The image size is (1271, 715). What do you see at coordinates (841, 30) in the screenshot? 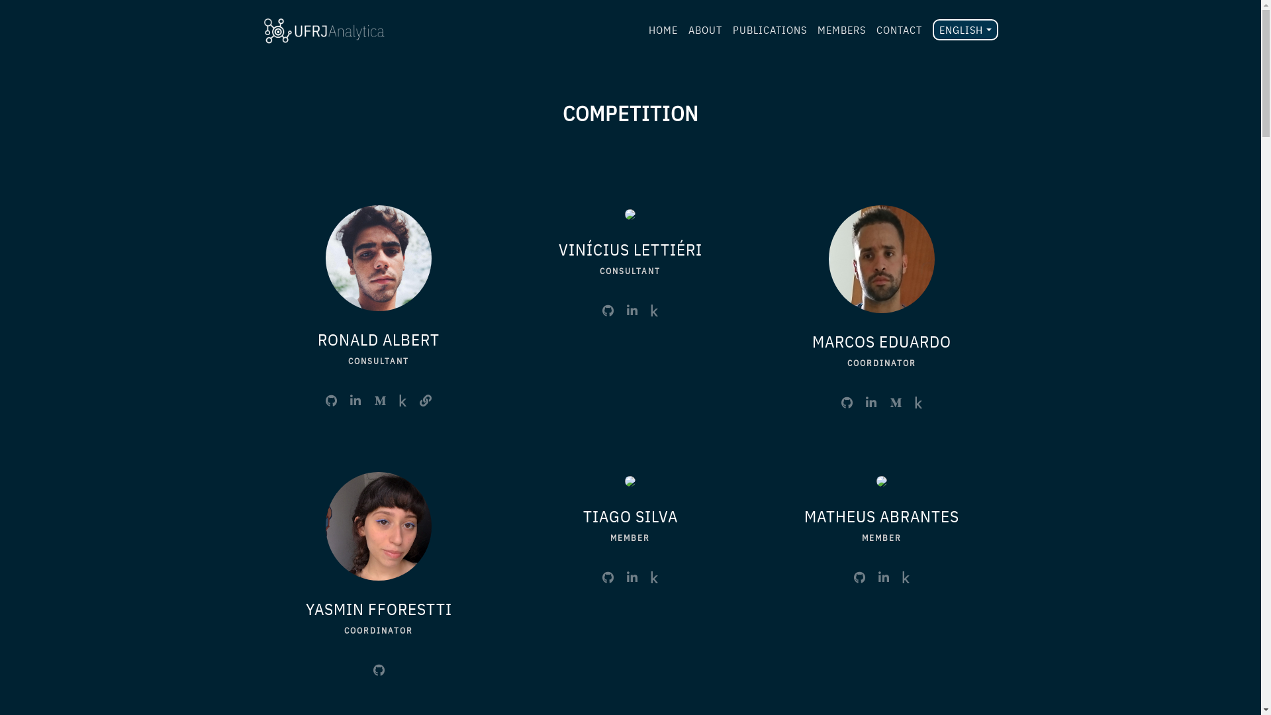
I see `'MEMBERS'` at bounding box center [841, 30].